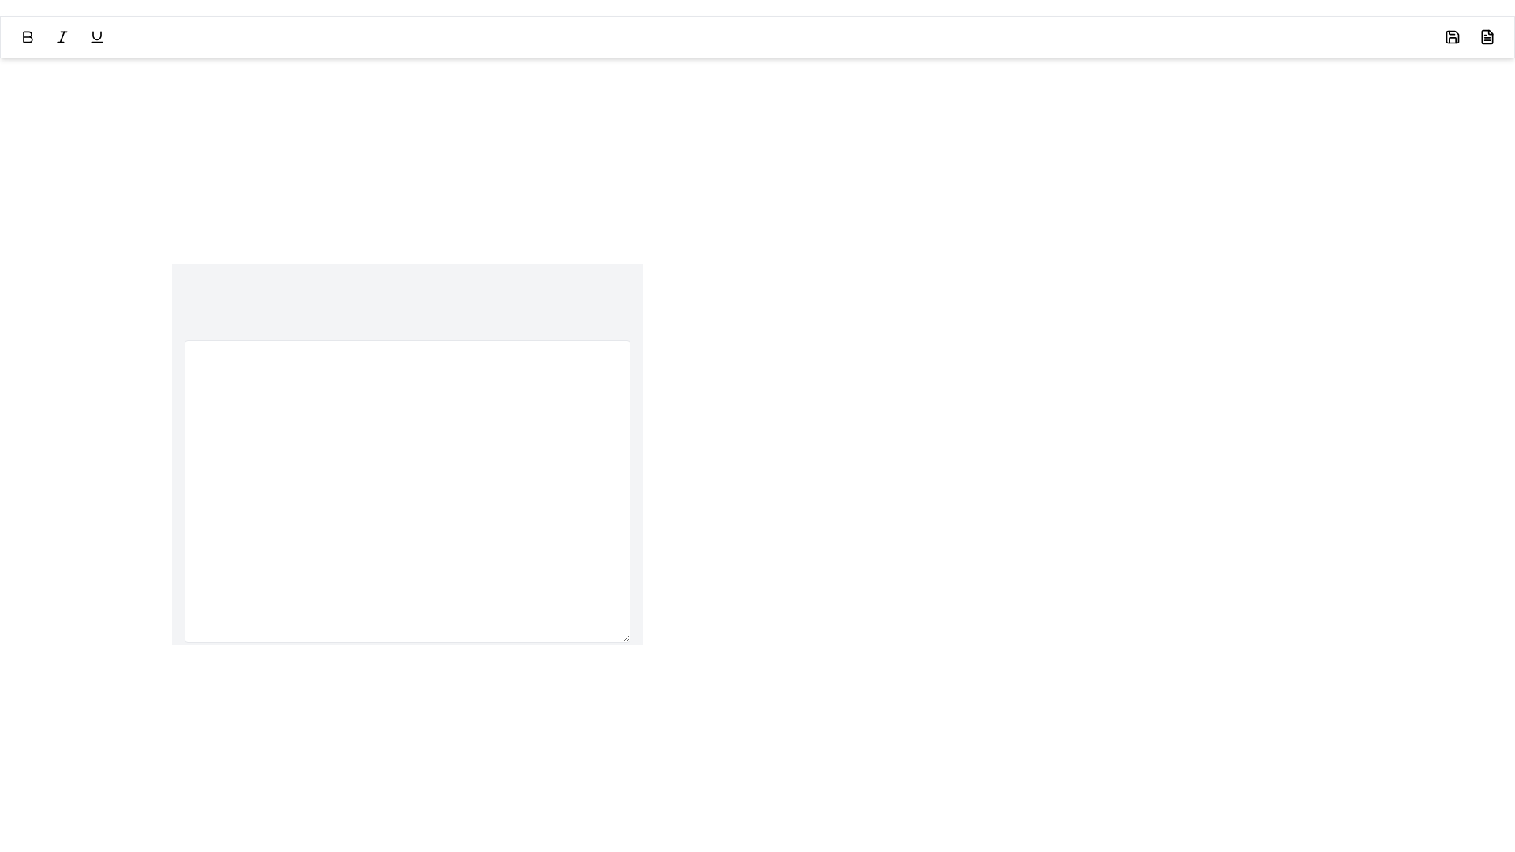 The image size is (1515, 852). What do you see at coordinates (1452, 35) in the screenshot?
I see `the floppy disk icon within the rounded rectangular button` at bounding box center [1452, 35].